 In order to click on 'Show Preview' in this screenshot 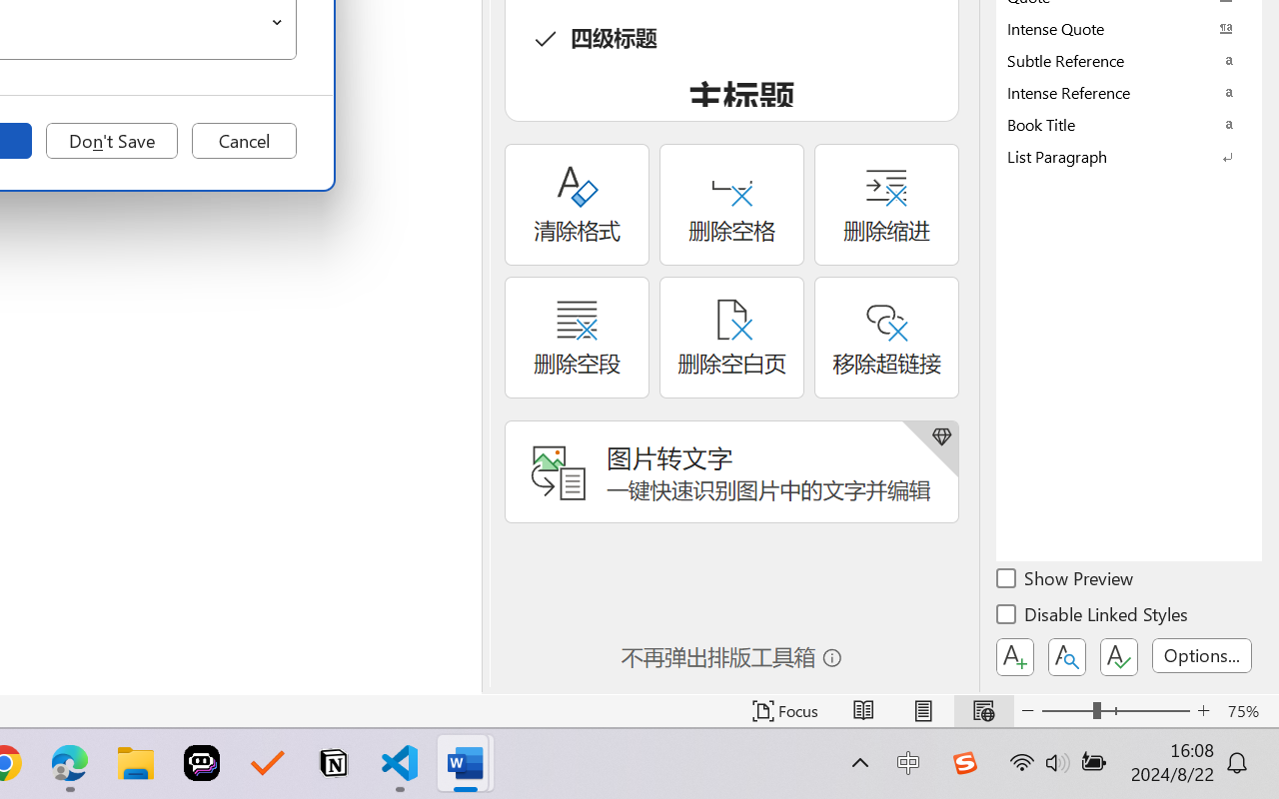, I will do `click(1065, 580)`.